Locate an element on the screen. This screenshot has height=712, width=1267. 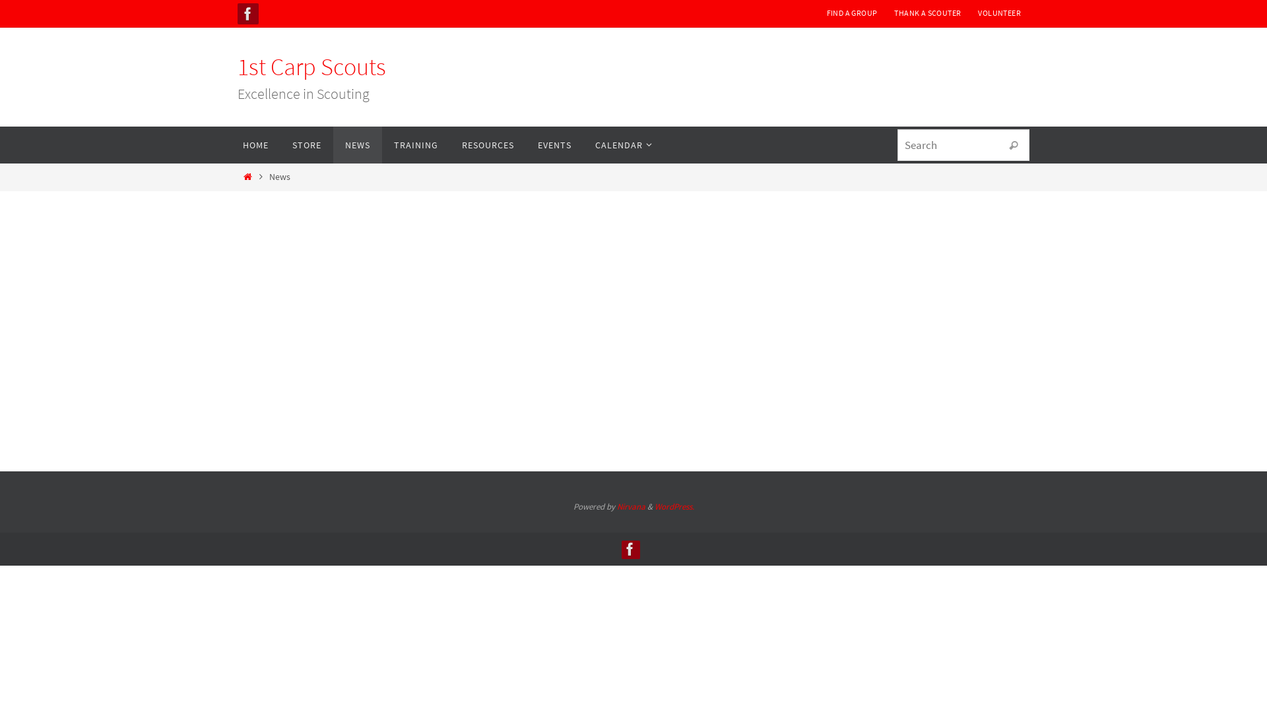
'THANK A SCOUTER' is located at coordinates (926, 13).